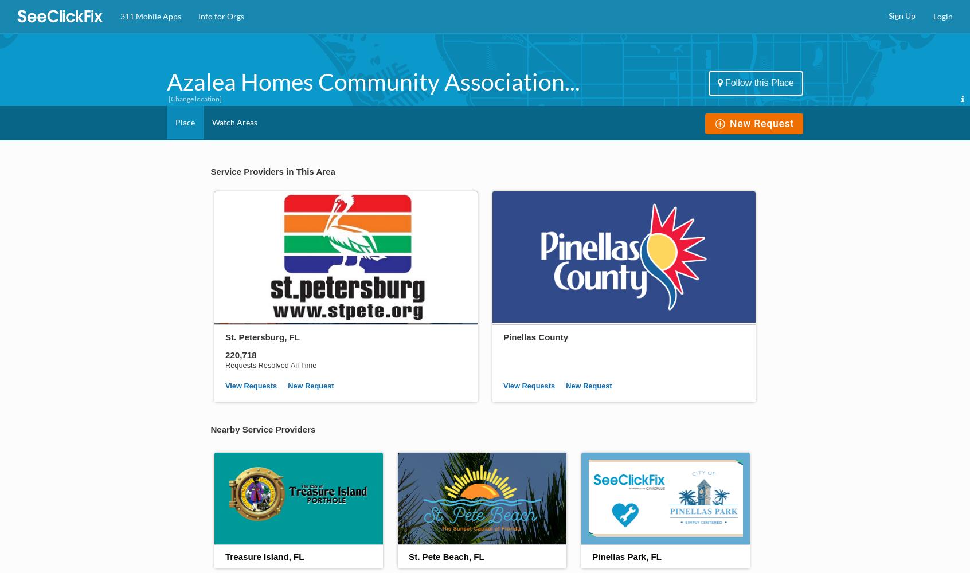 The width and height of the screenshot is (970, 573). What do you see at coordinates (150, 16) in the screenshot?
I see `'311 Mobile Apps'` at bounding box center [150, 16].